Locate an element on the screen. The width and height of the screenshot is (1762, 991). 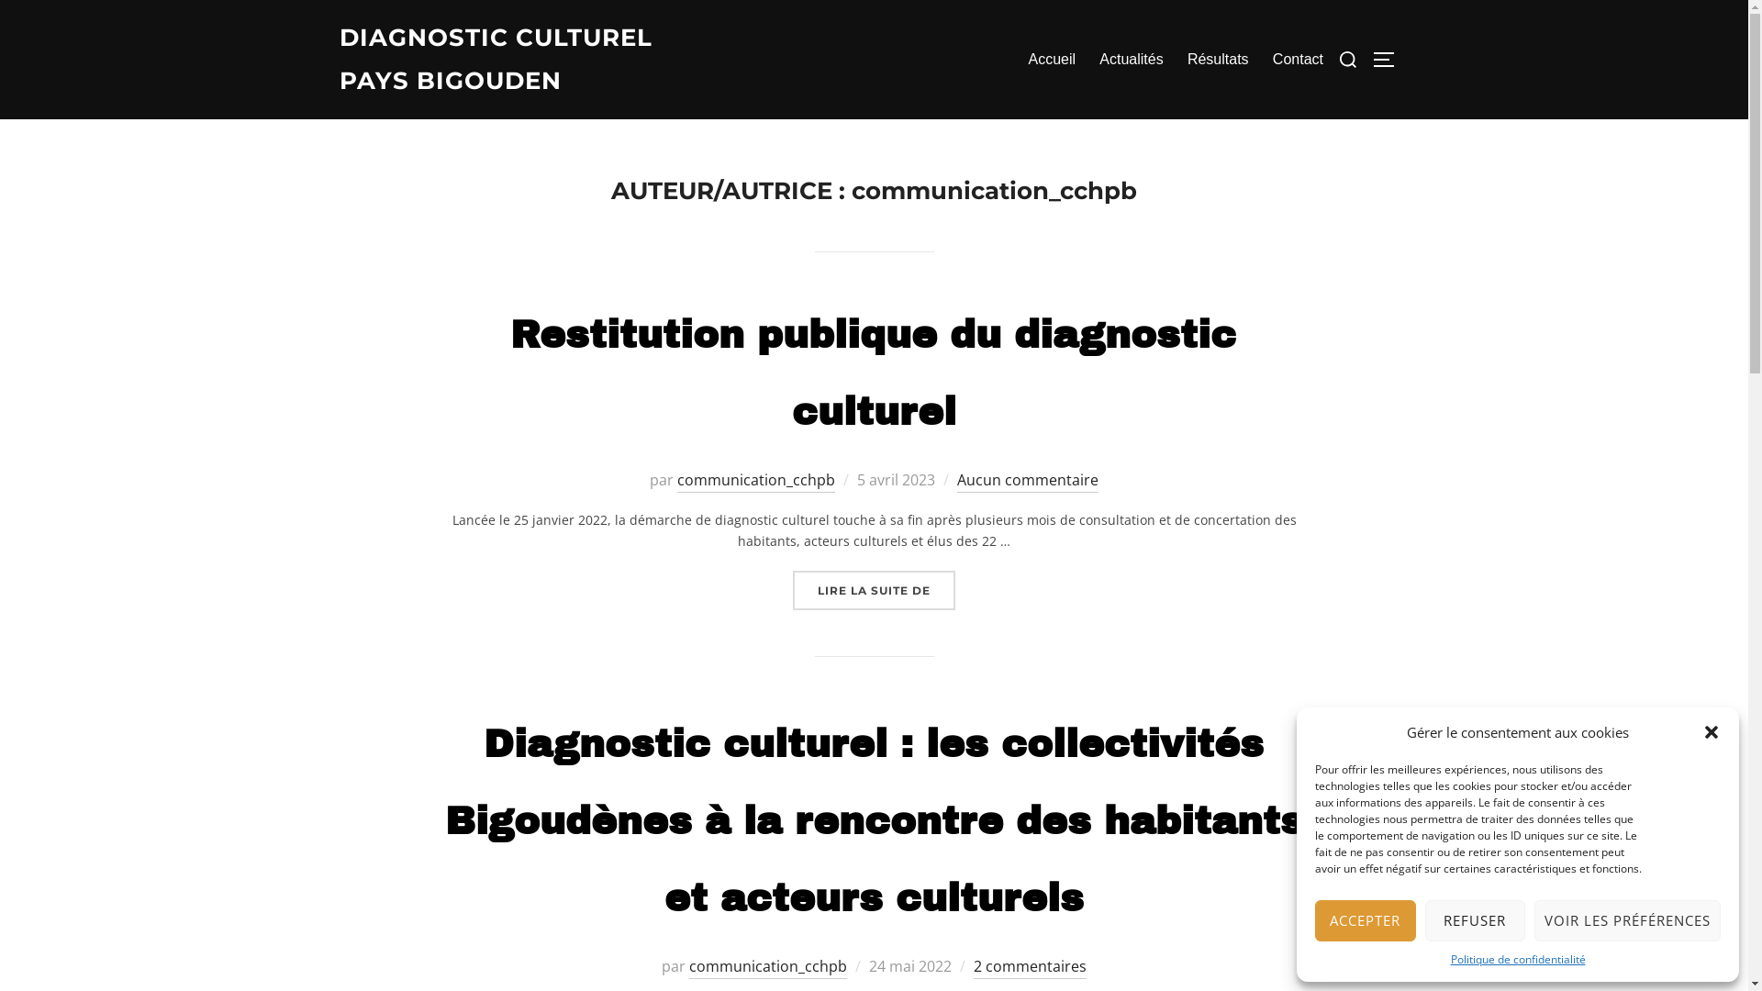
'Contact' is located at coordinates (1297, 59).